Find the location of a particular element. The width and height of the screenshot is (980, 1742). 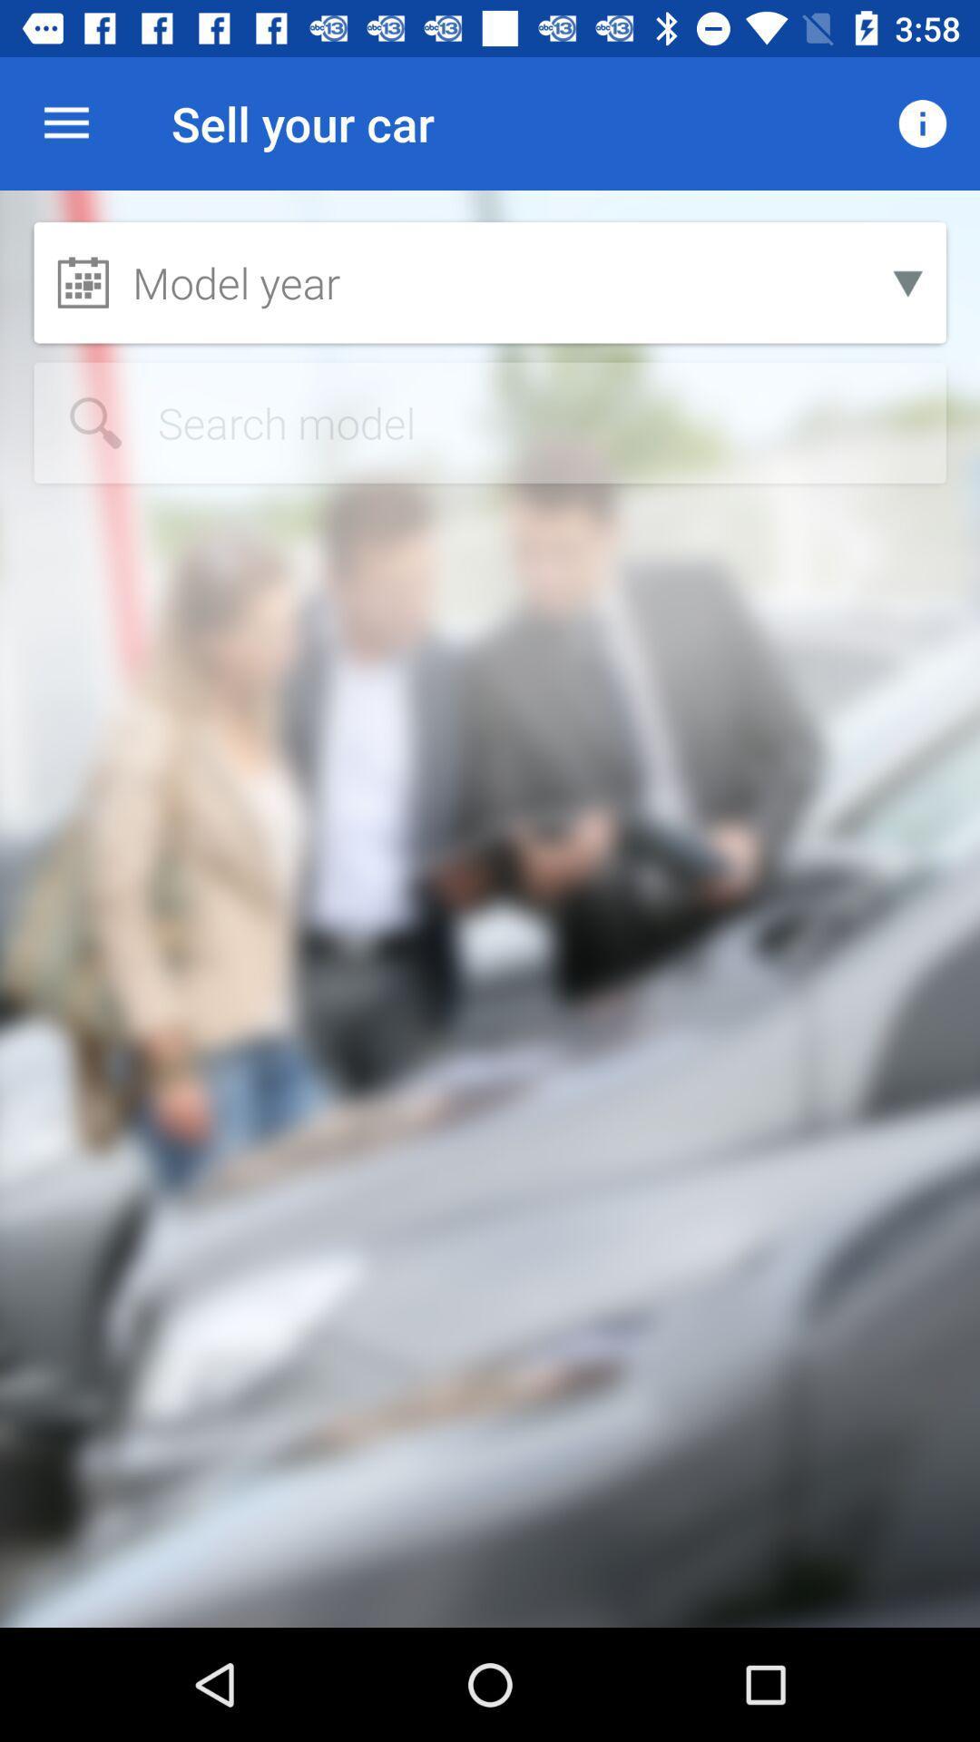

the icon next to the sell your car is located at coordinates (65, 122).